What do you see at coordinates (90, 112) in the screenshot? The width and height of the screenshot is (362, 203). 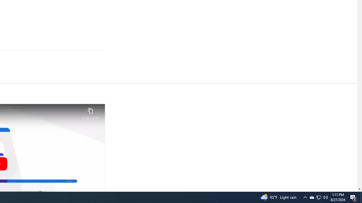 I see `'Copy link'` at bounding box center [90, 112].